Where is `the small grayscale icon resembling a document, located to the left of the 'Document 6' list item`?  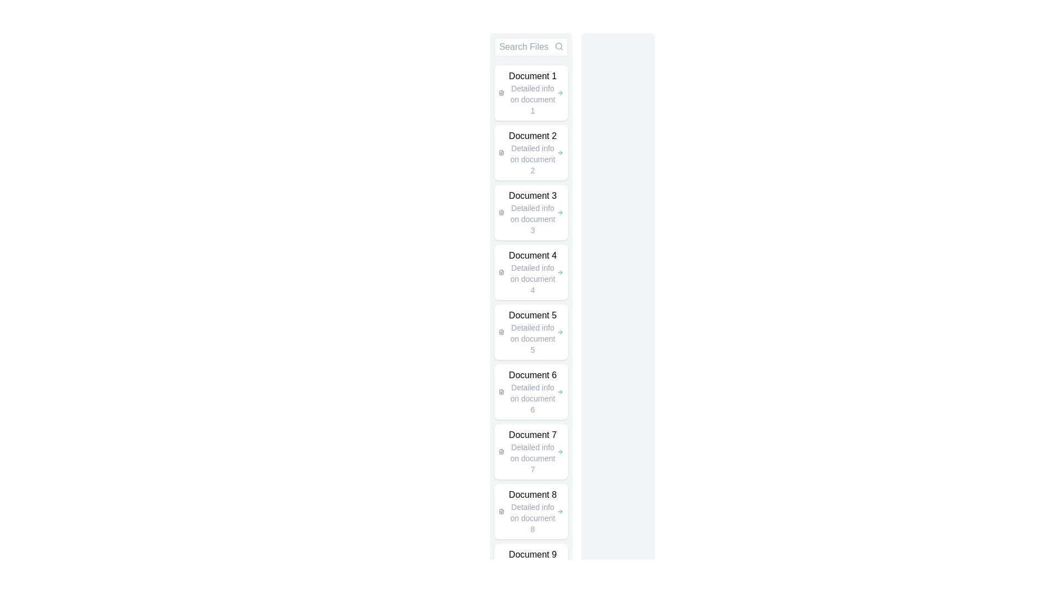
the small grayscale icon resembling a document, located to the left of the 'Document 6' list item is located at coordinates (500, 391).